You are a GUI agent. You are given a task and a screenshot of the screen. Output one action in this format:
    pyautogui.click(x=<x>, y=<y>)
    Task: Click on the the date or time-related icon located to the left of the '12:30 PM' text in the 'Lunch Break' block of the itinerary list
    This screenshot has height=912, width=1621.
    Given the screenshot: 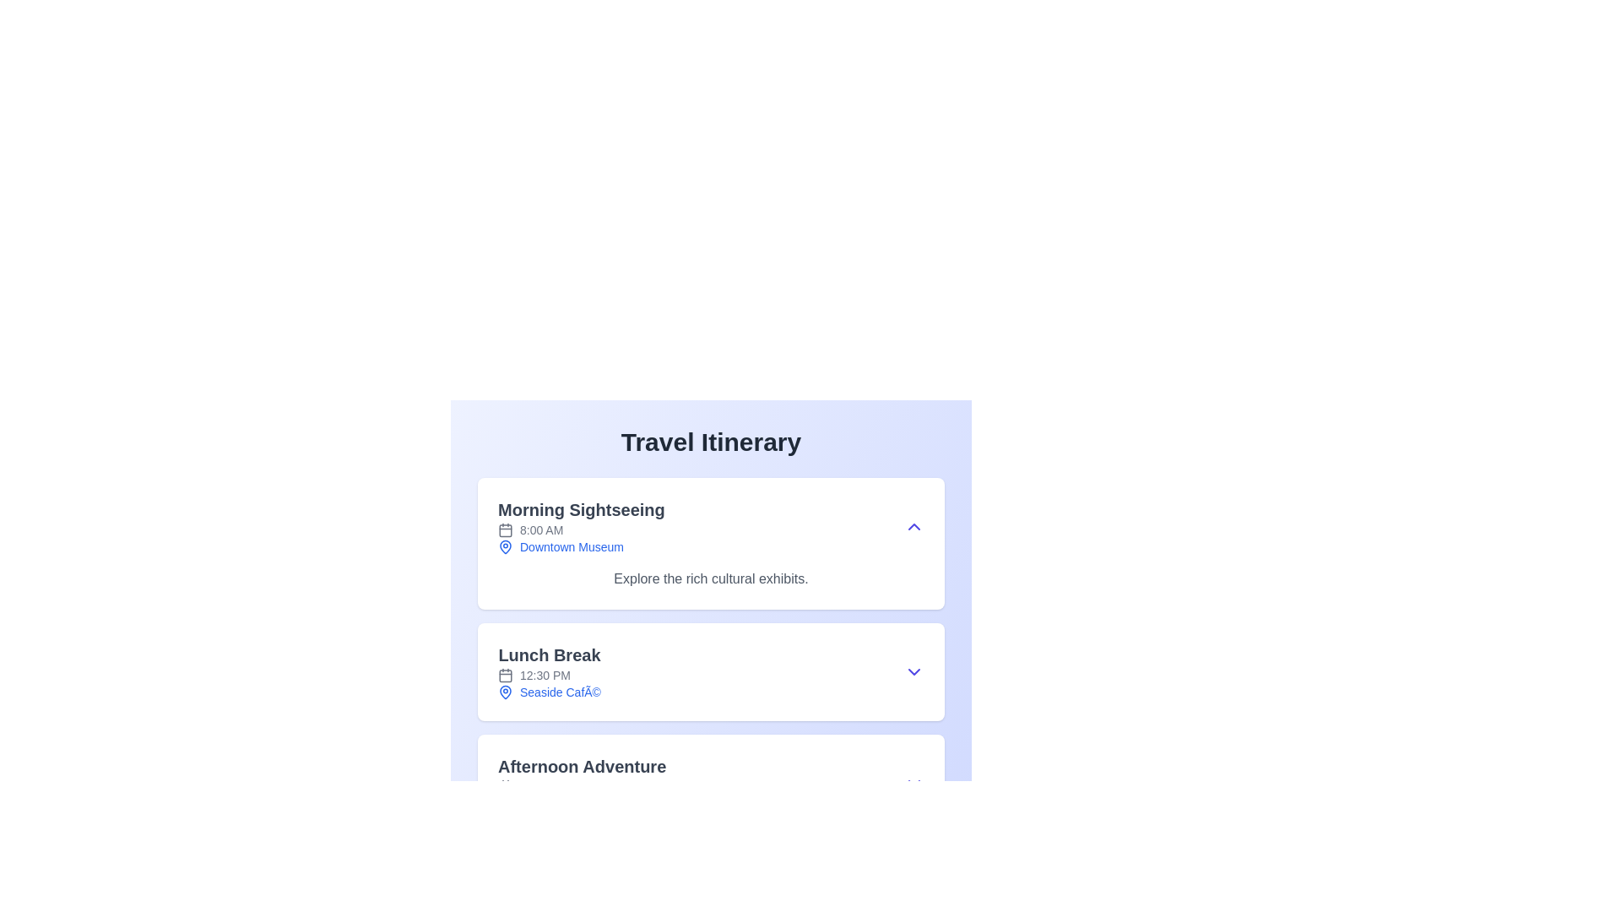 What is the action you would take?
    pyautogui.click(x=505, y=674)
    